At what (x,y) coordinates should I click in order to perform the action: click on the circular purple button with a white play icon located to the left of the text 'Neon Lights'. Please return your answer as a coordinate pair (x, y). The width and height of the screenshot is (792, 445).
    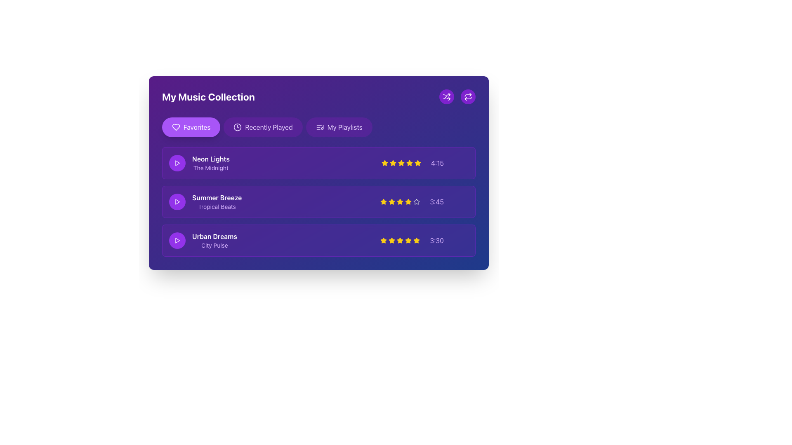
    Looking at the image, I should click on (177, 163).